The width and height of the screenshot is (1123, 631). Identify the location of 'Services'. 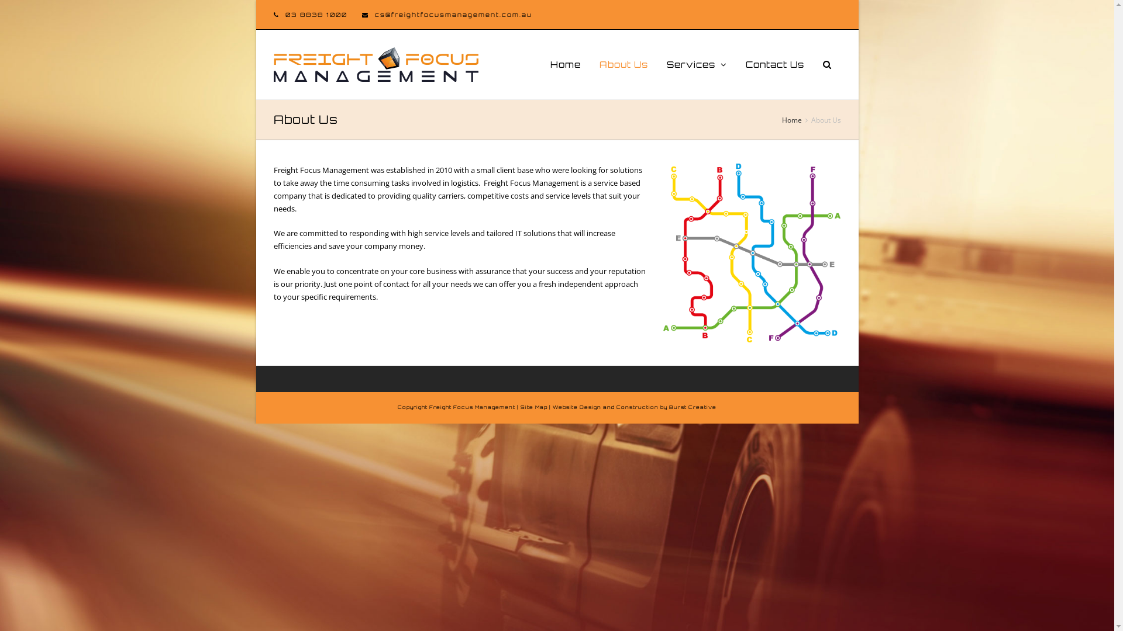
(697, 65).